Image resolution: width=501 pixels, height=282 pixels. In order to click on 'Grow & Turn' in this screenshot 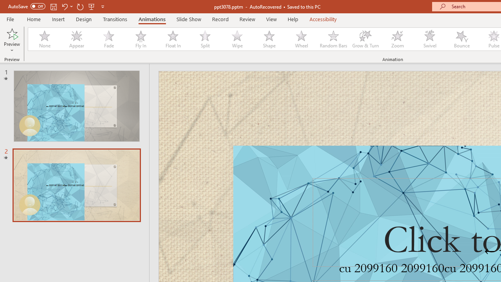, I will do `click(365, 39)`.